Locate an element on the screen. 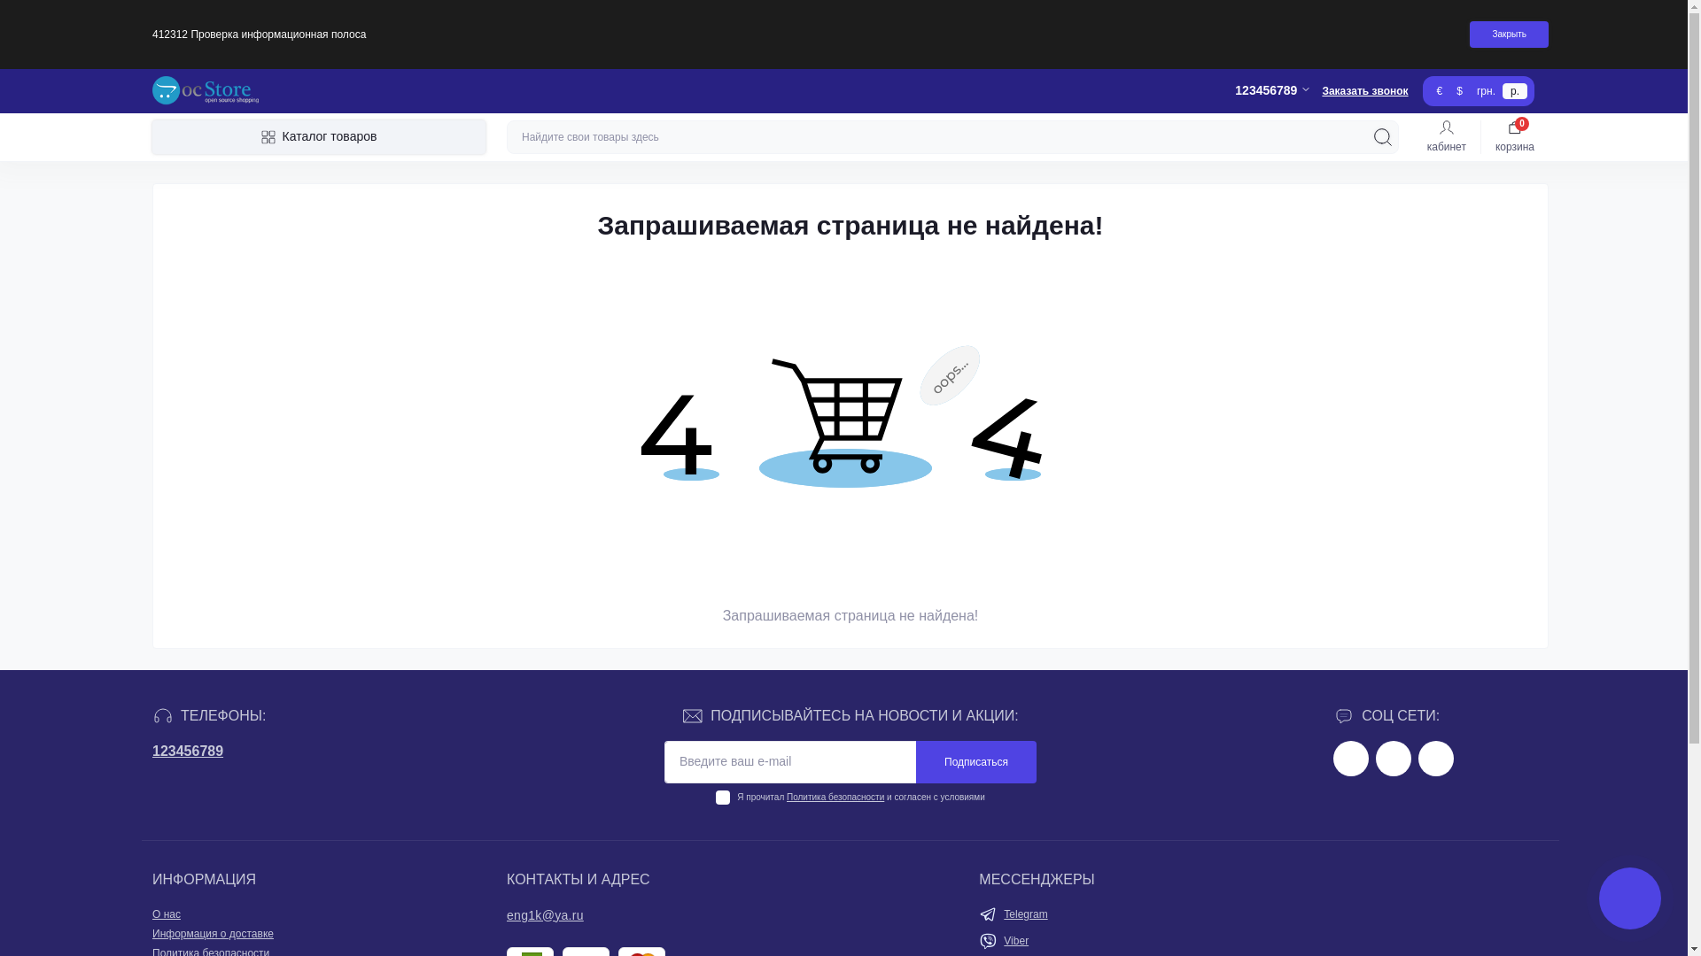 Image resolution: width=1701 pixels, height=956 pixels. 'Viber' is located at coordinates (1016, 940).